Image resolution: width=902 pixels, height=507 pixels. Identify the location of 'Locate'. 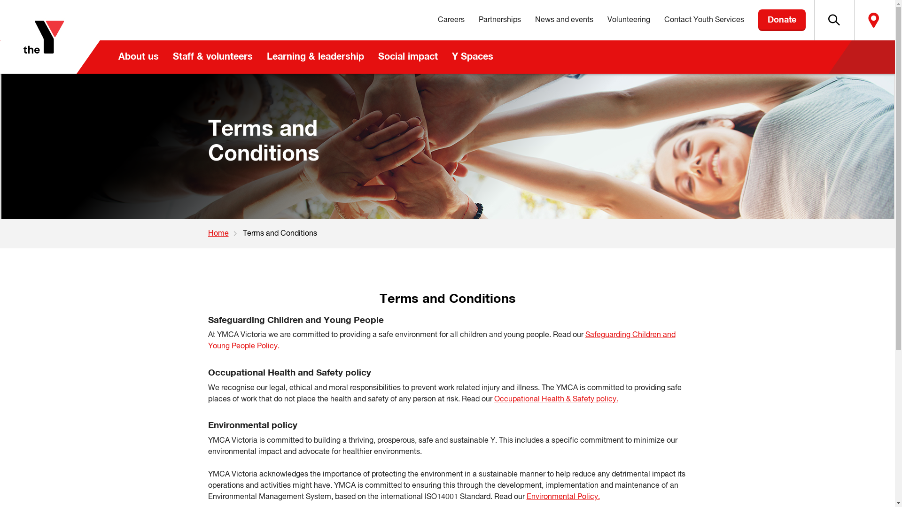
(854, 20).